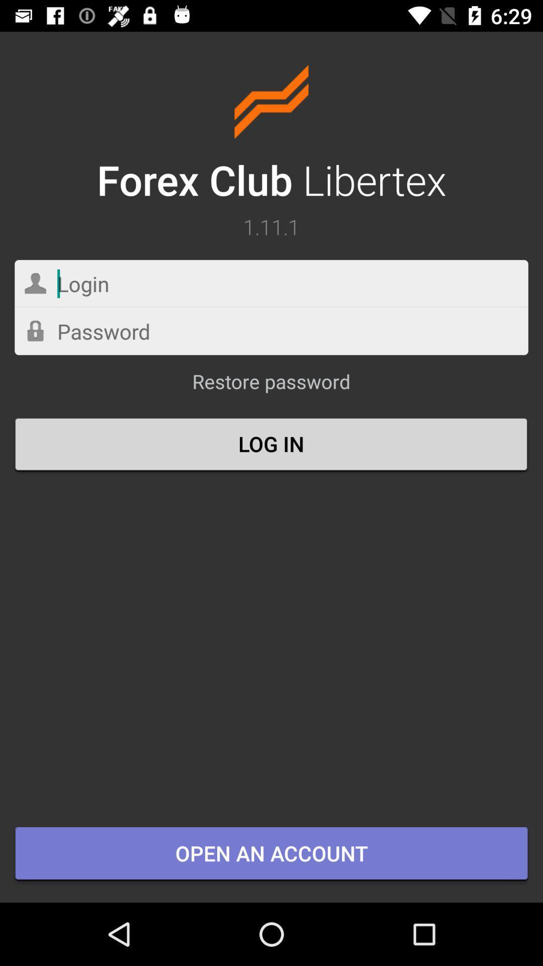 The height and width of the screenshot is (966, 543). I want to click on login, so click(271, 283).